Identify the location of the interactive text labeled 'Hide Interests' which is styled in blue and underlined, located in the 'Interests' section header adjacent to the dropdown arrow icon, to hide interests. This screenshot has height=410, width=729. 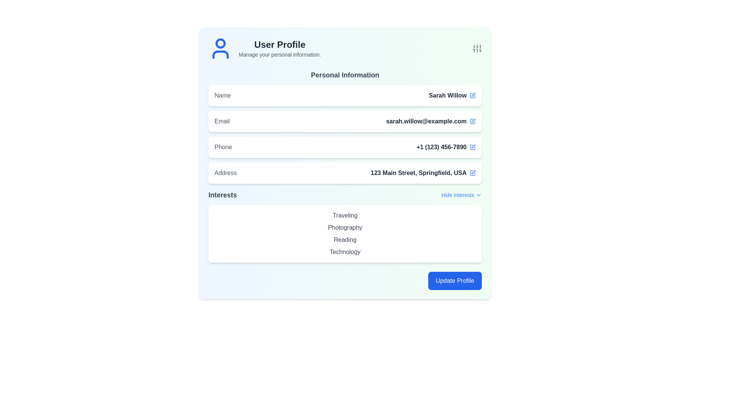
(461, 194).